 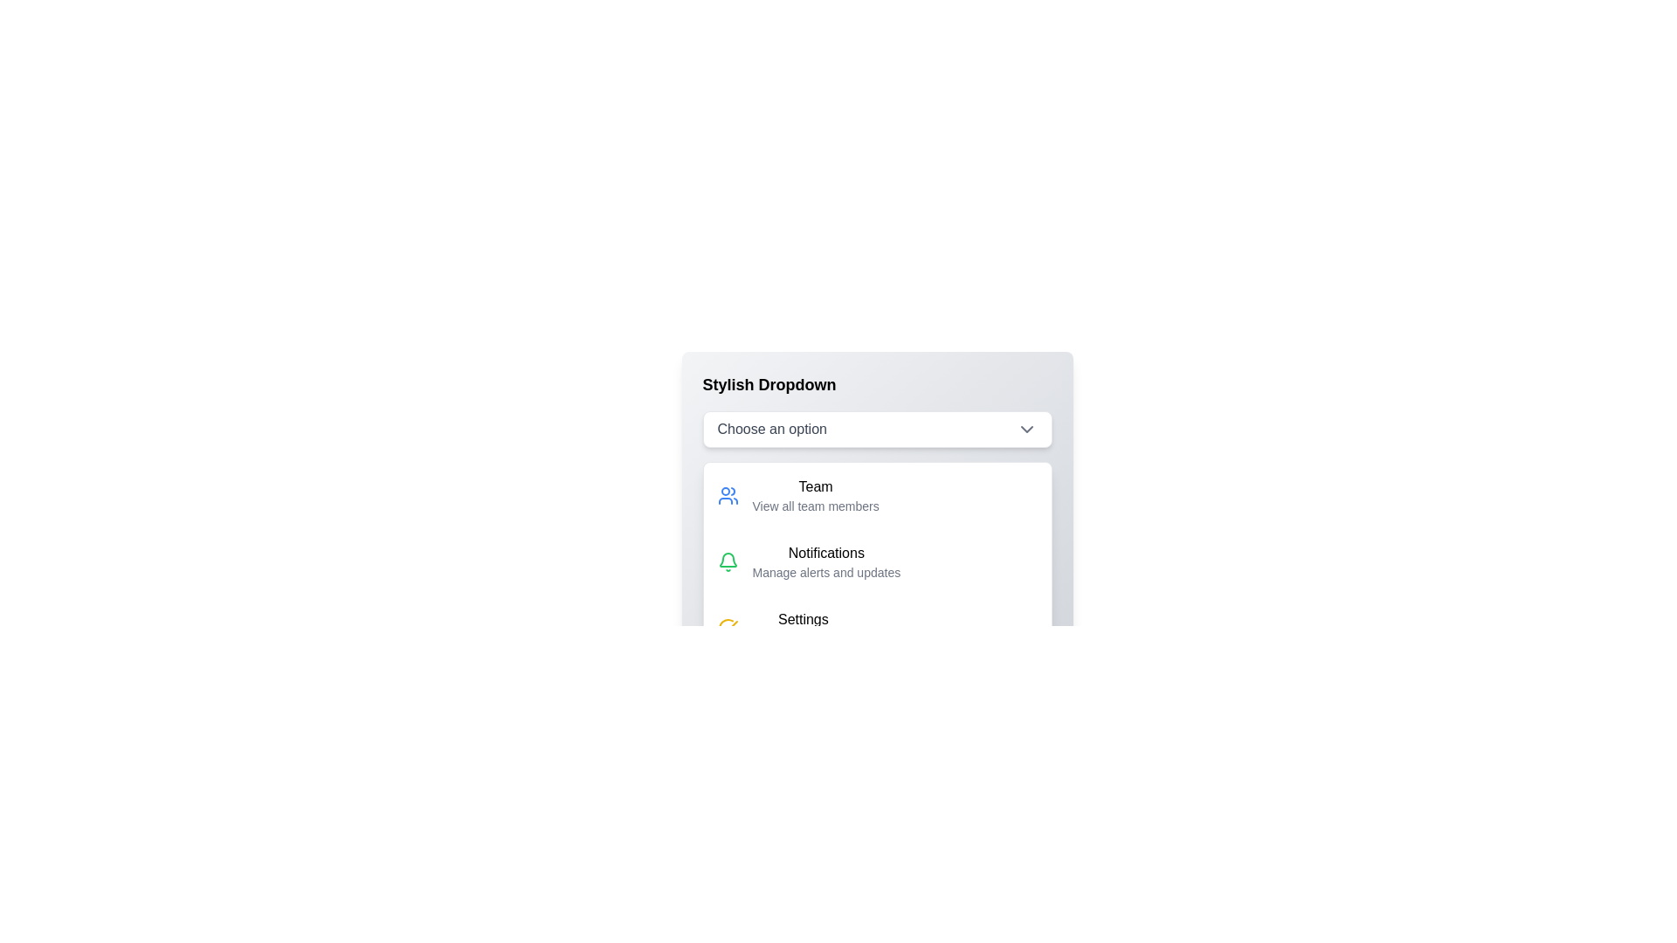 I want to click on the first sub-element of the circular icon with a checkmark, located next to the 'Settings' text in the dropdown menu, so click(x=728, y=629).